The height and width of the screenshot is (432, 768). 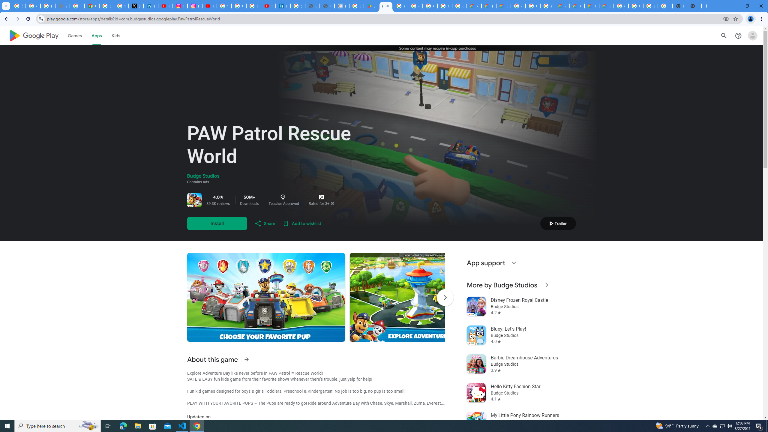 What do you see at coordinates (217, 223) in the screenshot?
I see `'Install'` at bounding box center [217, 223].